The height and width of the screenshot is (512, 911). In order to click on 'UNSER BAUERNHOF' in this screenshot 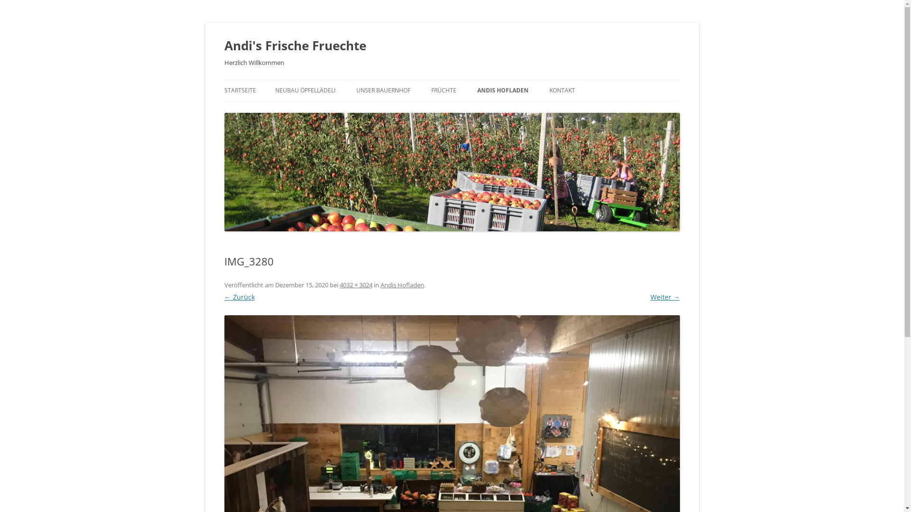, I will do `click(382, 91)`.